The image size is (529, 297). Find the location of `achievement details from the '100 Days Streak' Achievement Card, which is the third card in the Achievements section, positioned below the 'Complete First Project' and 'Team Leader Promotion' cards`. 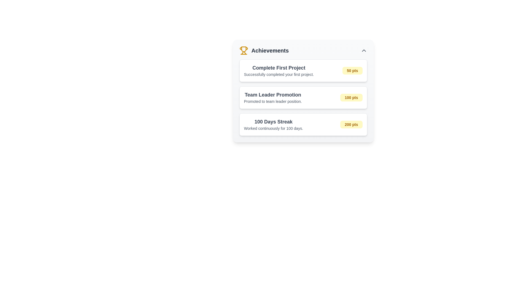

achievement details from the '100 Days Streak' Achievement Card, which is the third card in the Achievements section, positioned below the 'Complete First Project' and 'Team Leader Promotion' cards is located at coordinates (303, 124).